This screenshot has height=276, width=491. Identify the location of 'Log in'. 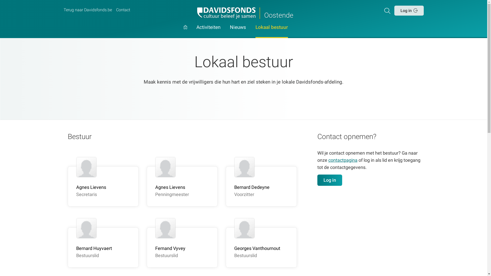
(408, 10).